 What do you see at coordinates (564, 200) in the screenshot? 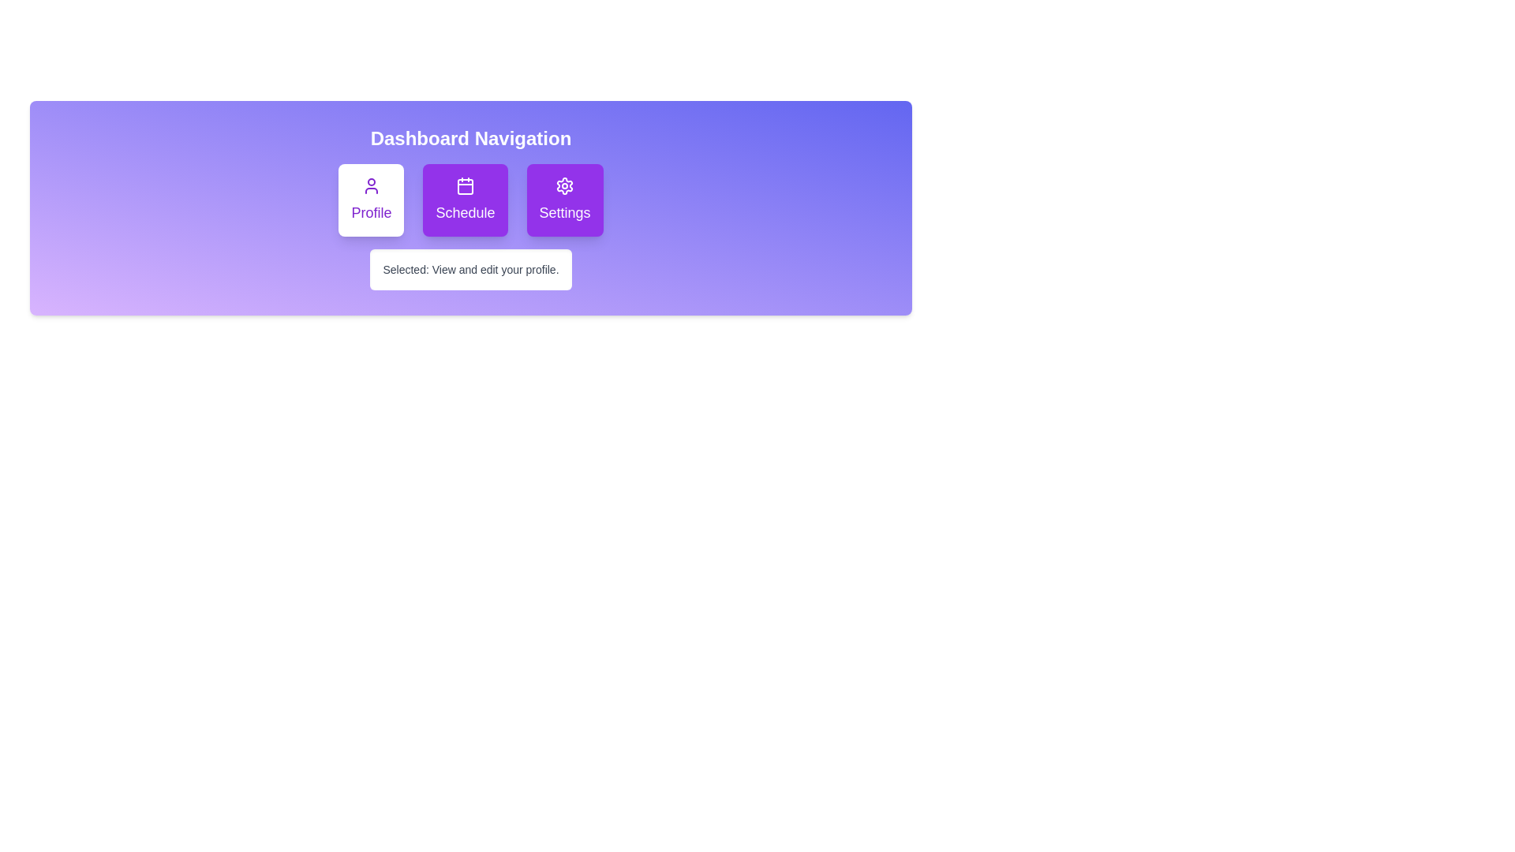
I see `the 'Settings' button, which is the rightmost button in a group of three buttons labeled 'Profile', 'Schedule', and 'Settings'` at bounding box center [564, 200].